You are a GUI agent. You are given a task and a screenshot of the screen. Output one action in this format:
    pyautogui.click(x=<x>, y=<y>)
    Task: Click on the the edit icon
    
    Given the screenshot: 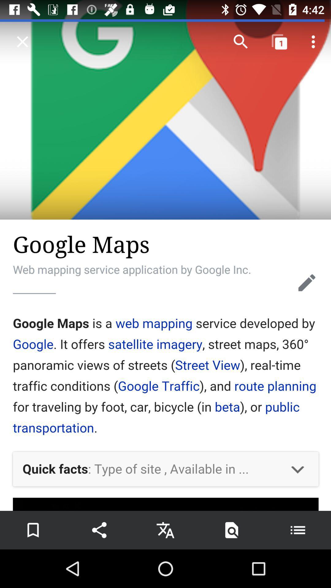 What is the action you would take?
    pyautogui.click(x=307, y=282)
    